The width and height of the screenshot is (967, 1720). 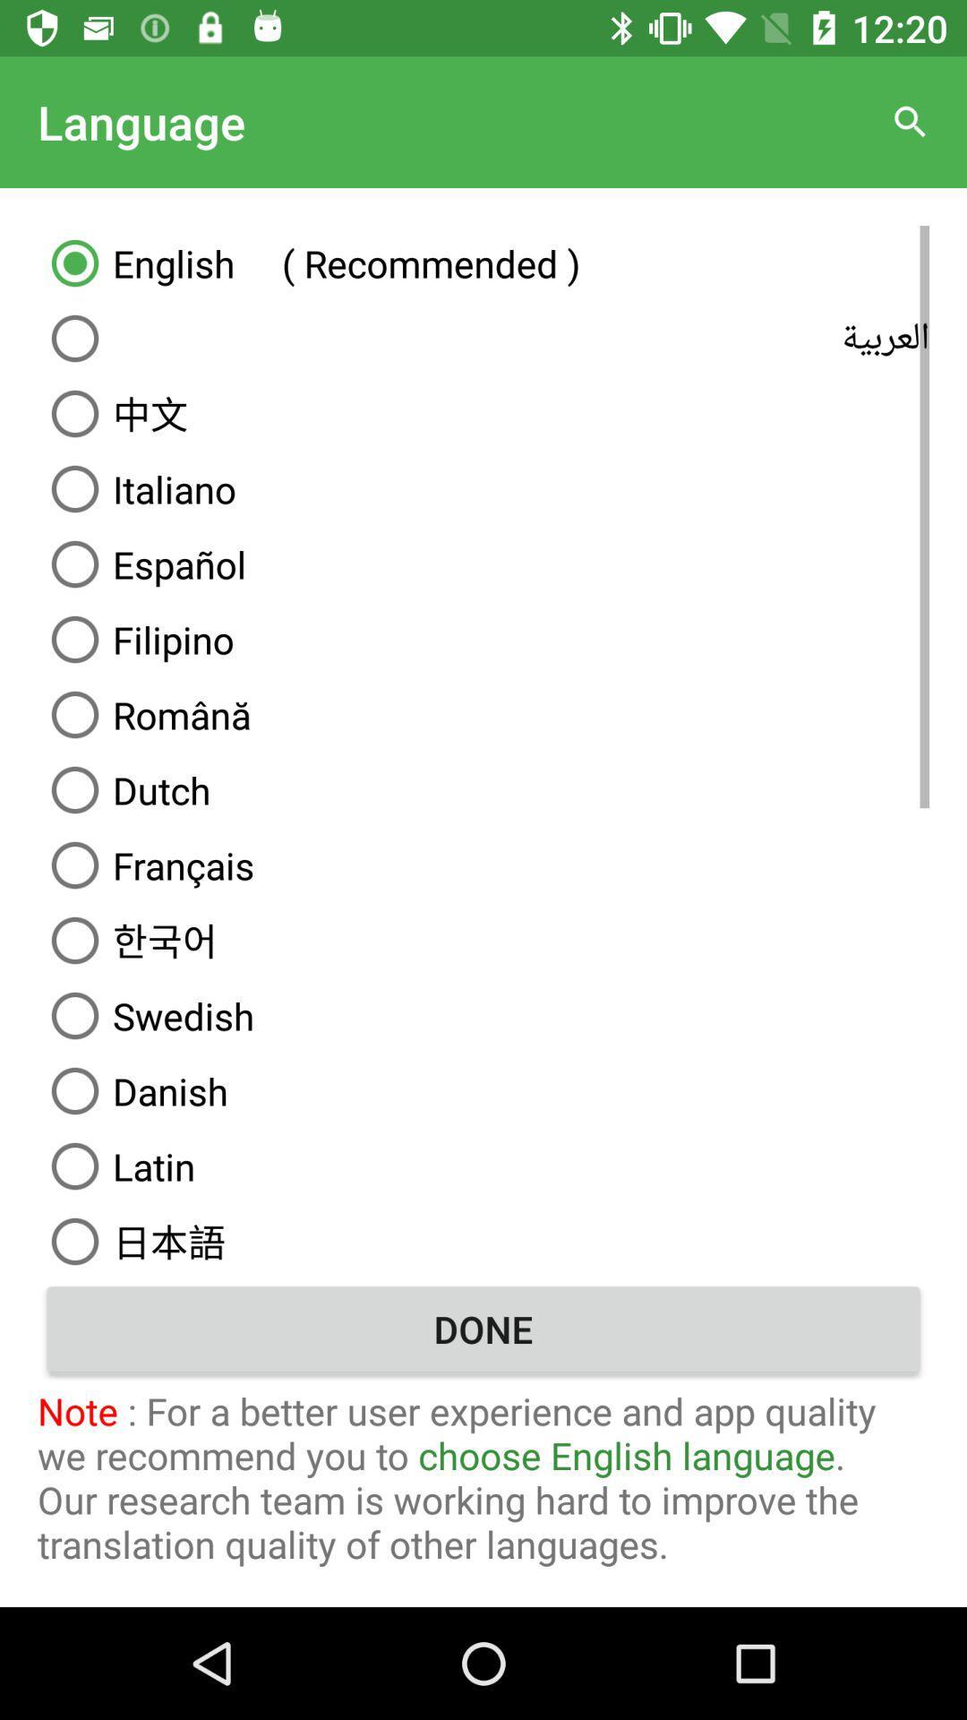 I want to click on the dutch icon, so click(x=483, y=789).